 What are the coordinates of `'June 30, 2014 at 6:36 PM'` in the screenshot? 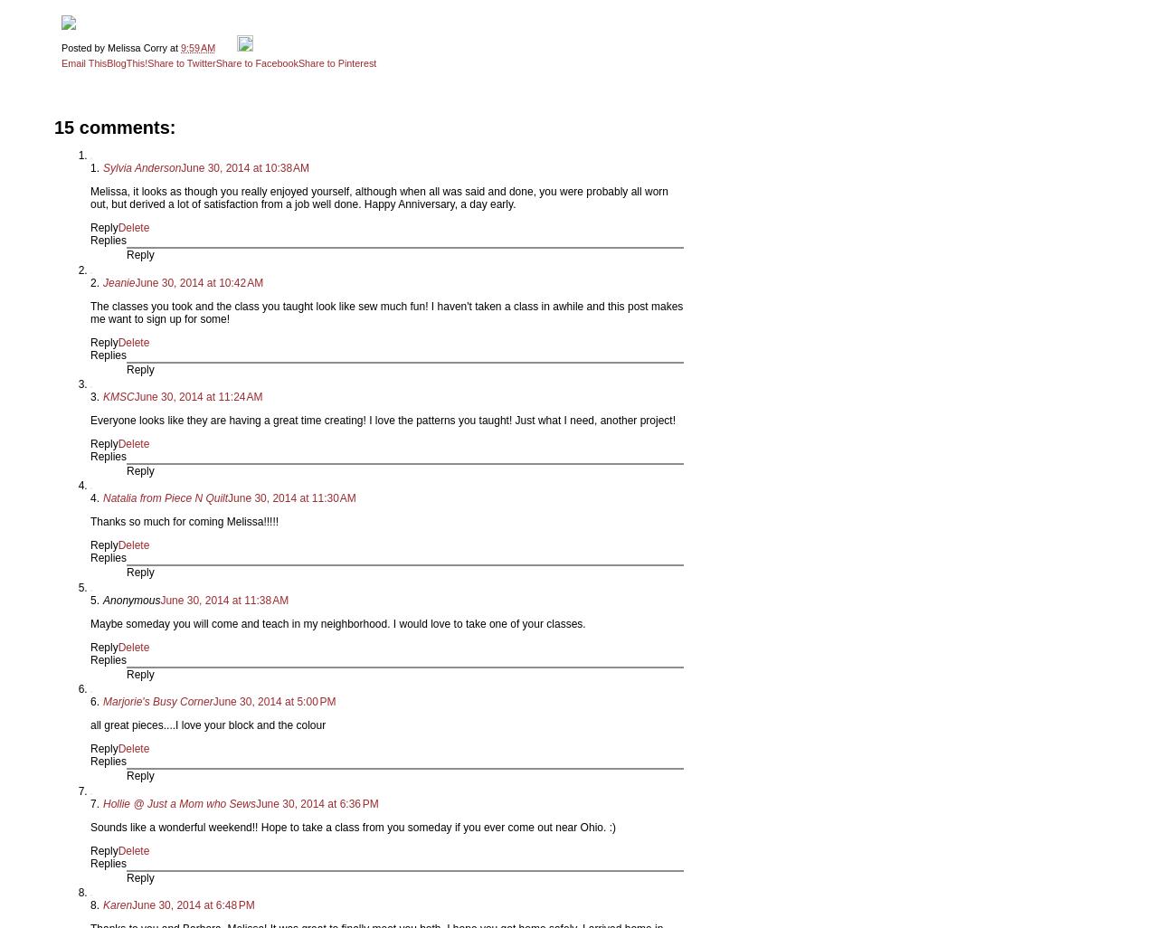 It's located at (316, 802).